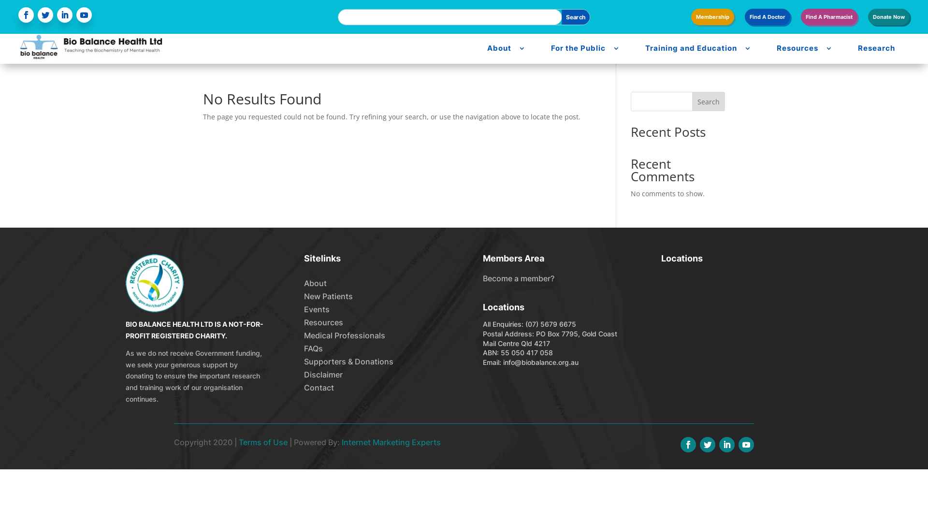 Image resolution: width=928 pixels, height=522 pixels. I want to click on 'Disclaimer', so click(323, 374).